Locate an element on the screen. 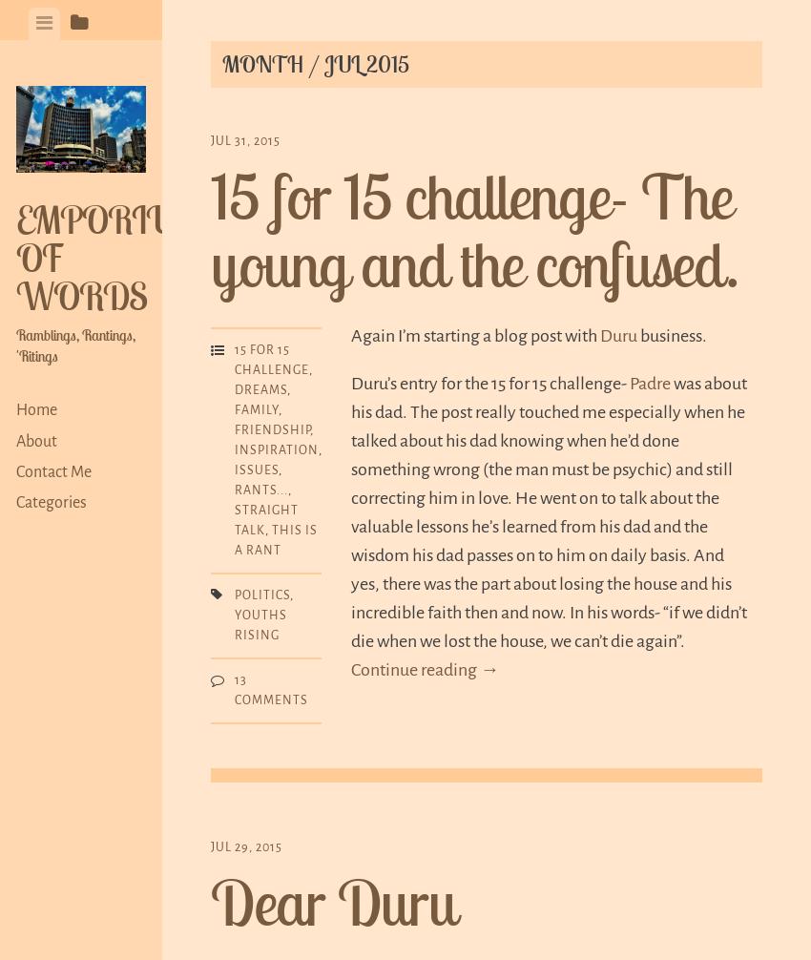 The height and width of the screenshot is (960, 811). 'youths rising' is located at coordinates (260, 624).